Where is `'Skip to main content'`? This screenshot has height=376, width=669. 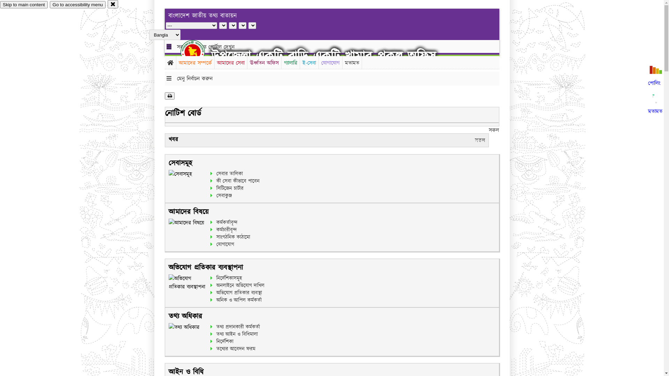 'Skip to main content' is located at coordinates (24, 5).